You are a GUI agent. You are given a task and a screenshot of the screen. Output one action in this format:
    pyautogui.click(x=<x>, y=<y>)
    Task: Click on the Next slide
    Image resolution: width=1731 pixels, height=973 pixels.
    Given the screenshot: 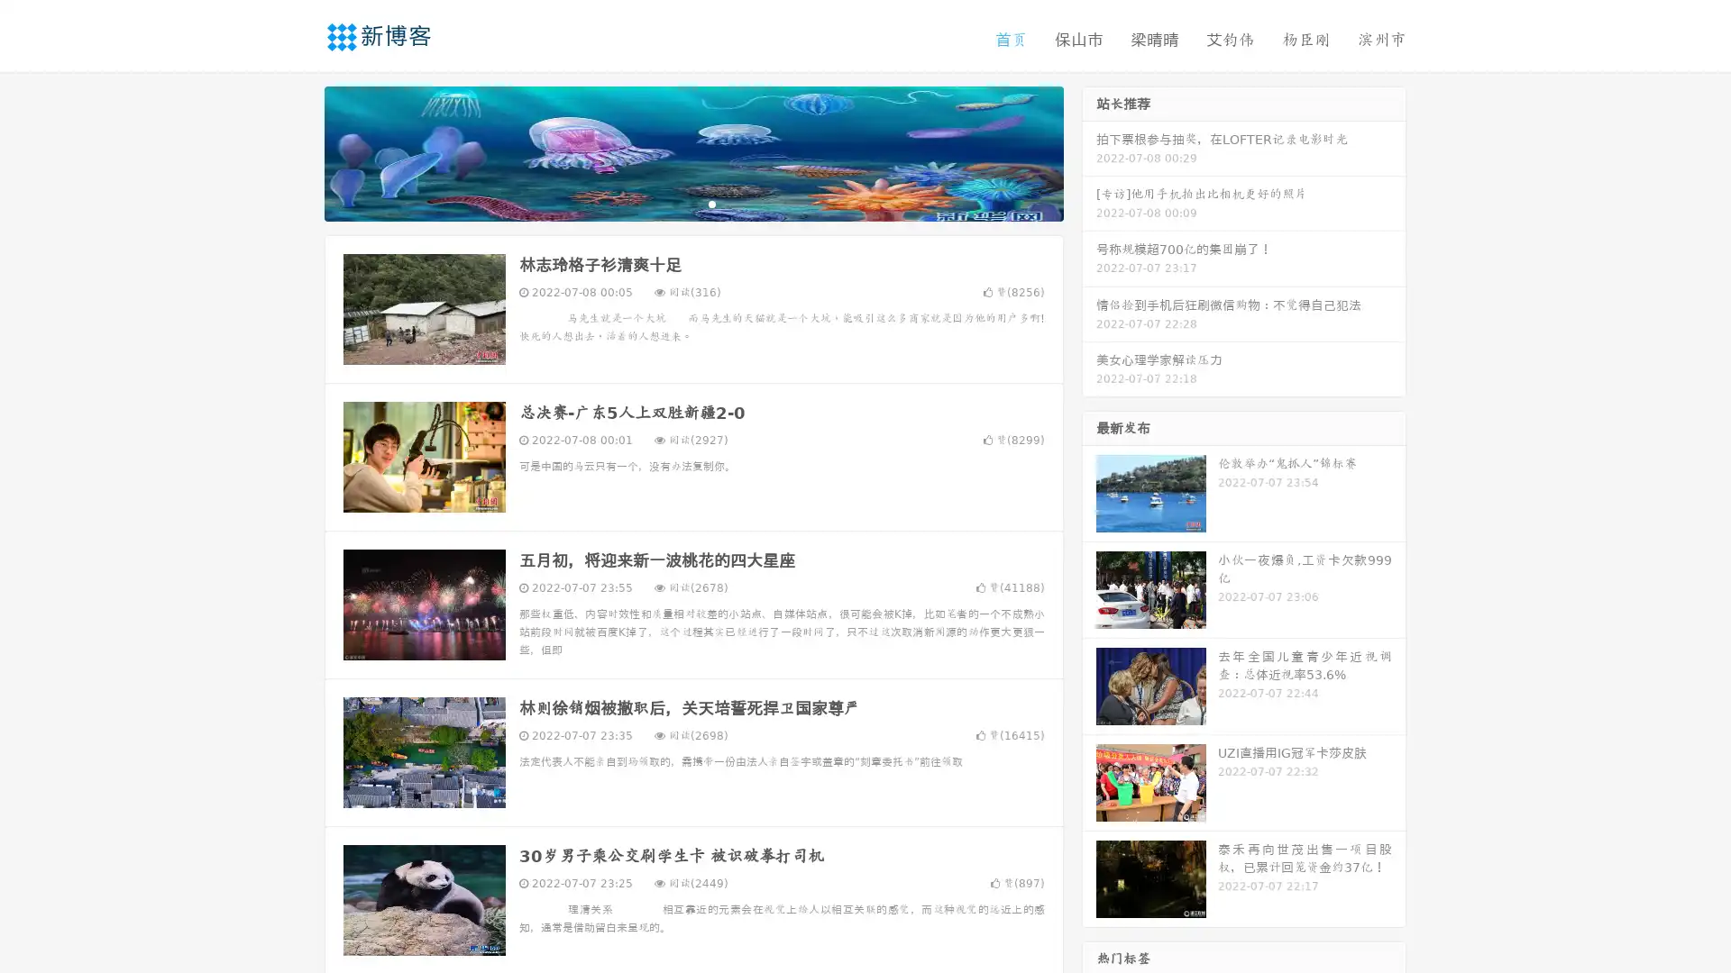 What is the action you would take?
    pyautogui.click(x=1089, y=151)
    